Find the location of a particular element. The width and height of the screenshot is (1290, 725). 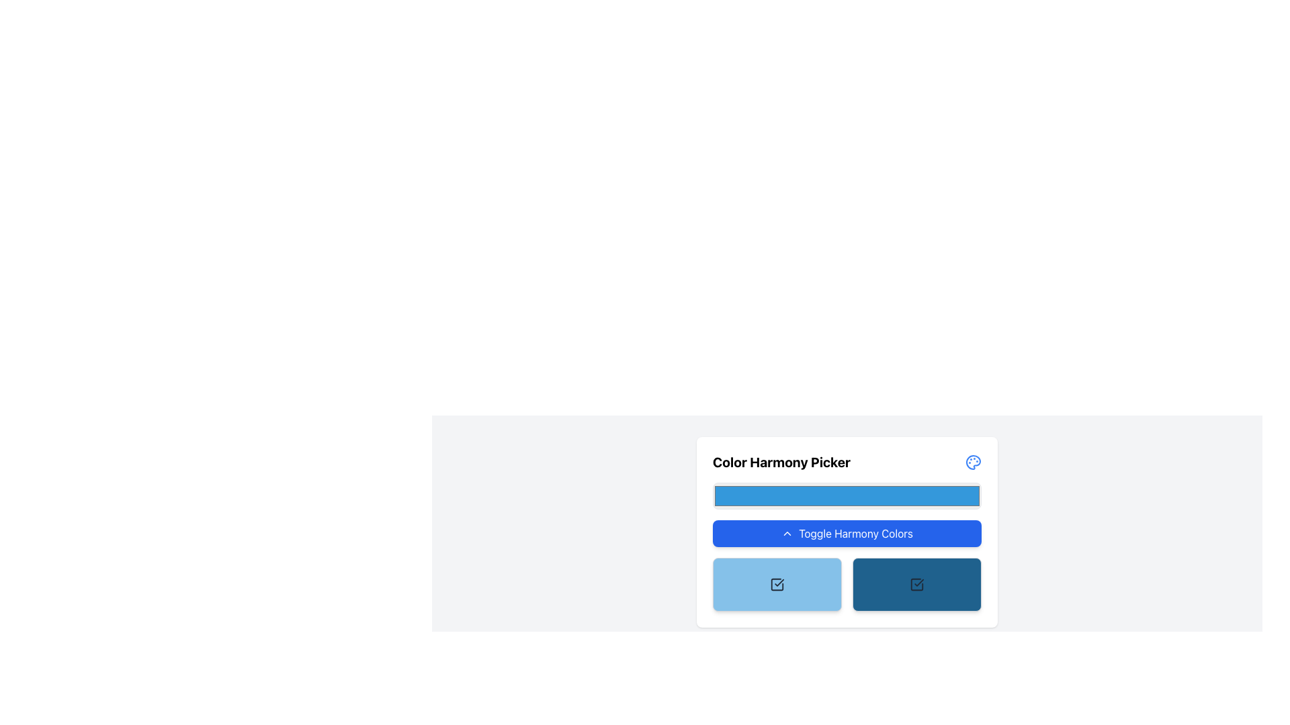

the checkmark icon located inside the light blue square at the bottom-left of the interface is located at coordinates (779, 582).